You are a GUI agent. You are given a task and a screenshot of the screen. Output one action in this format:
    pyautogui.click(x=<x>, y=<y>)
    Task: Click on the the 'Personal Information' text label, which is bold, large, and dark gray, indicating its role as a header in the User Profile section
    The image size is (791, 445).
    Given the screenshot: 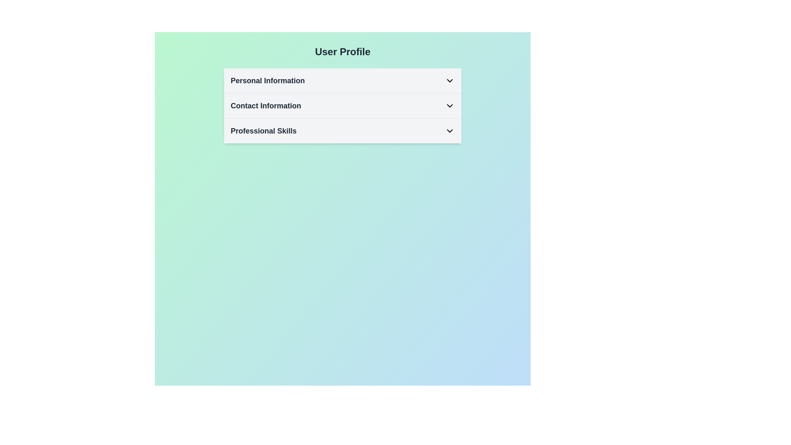 What is the action you would take?
    pyautogui.click(x=268, y=81)
    